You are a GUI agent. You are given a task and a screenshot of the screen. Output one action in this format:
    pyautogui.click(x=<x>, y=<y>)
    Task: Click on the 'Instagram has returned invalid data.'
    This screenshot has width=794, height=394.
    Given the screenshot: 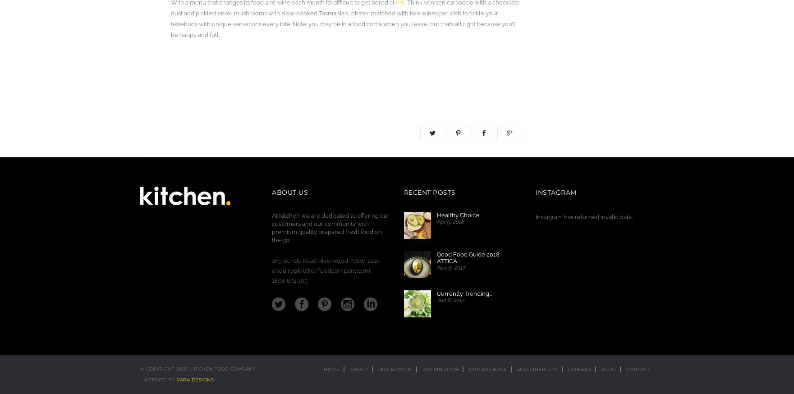 What is the action you would take?
    pyautogui.click(x=584, y=216)
    